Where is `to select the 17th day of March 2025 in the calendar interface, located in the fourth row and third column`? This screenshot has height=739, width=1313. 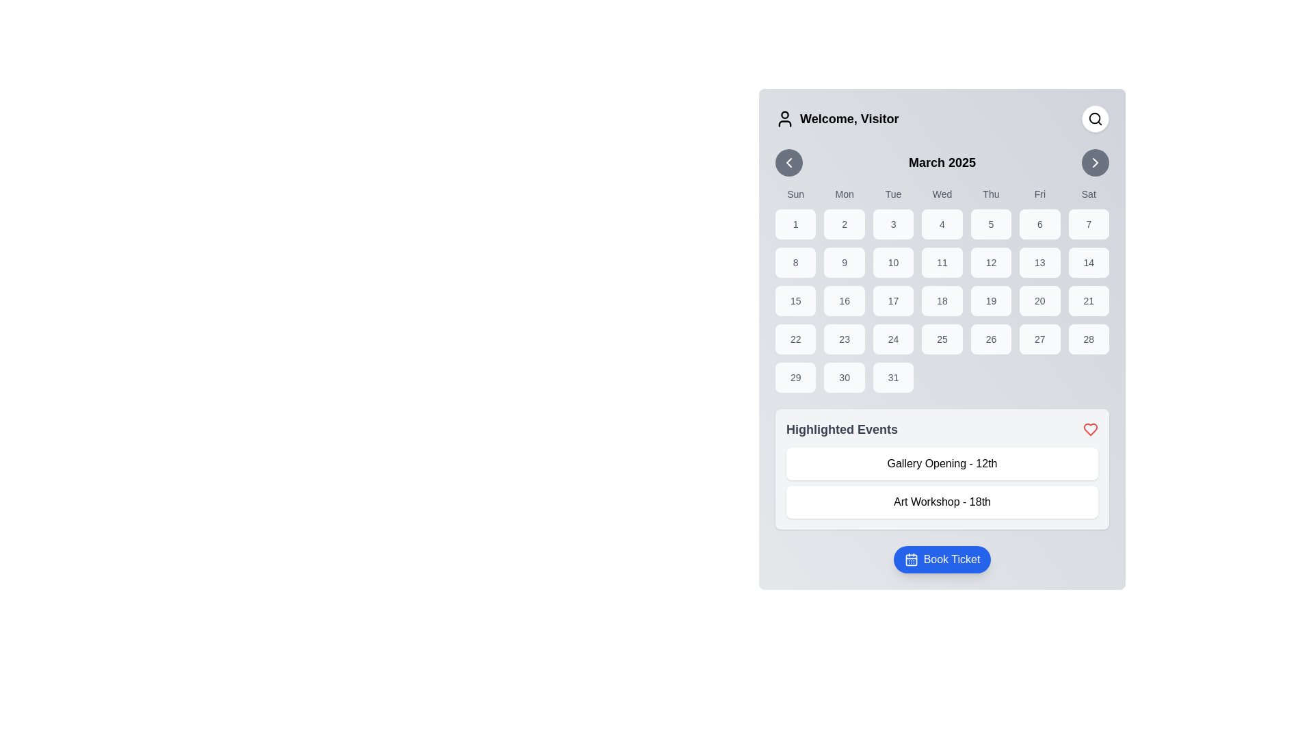
to select the 17th day of March 2025 in the calendar interface, located in the fourth row and third column is located at coordinates (893, 300).